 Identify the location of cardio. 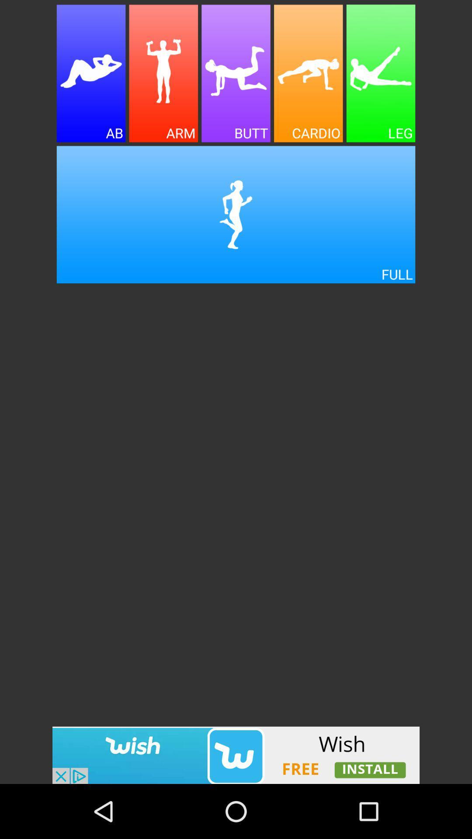
(308, 73).